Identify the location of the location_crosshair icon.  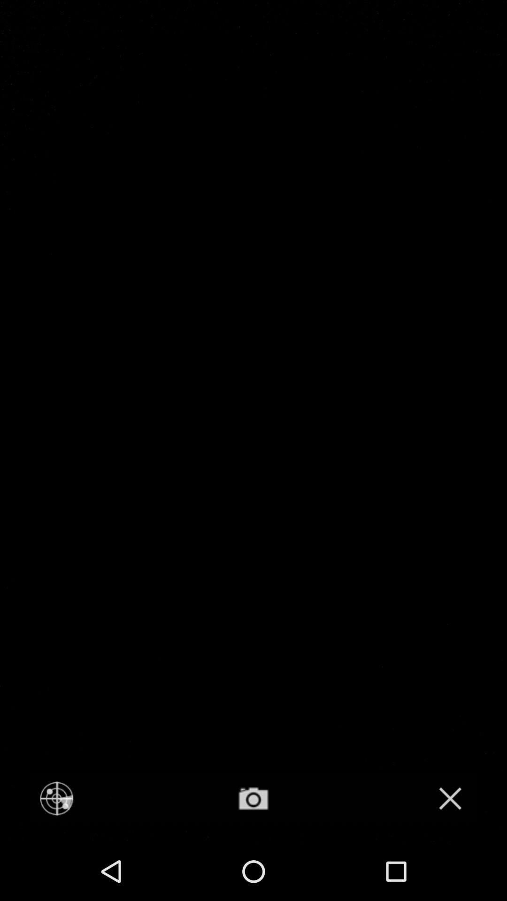
(56, 855).